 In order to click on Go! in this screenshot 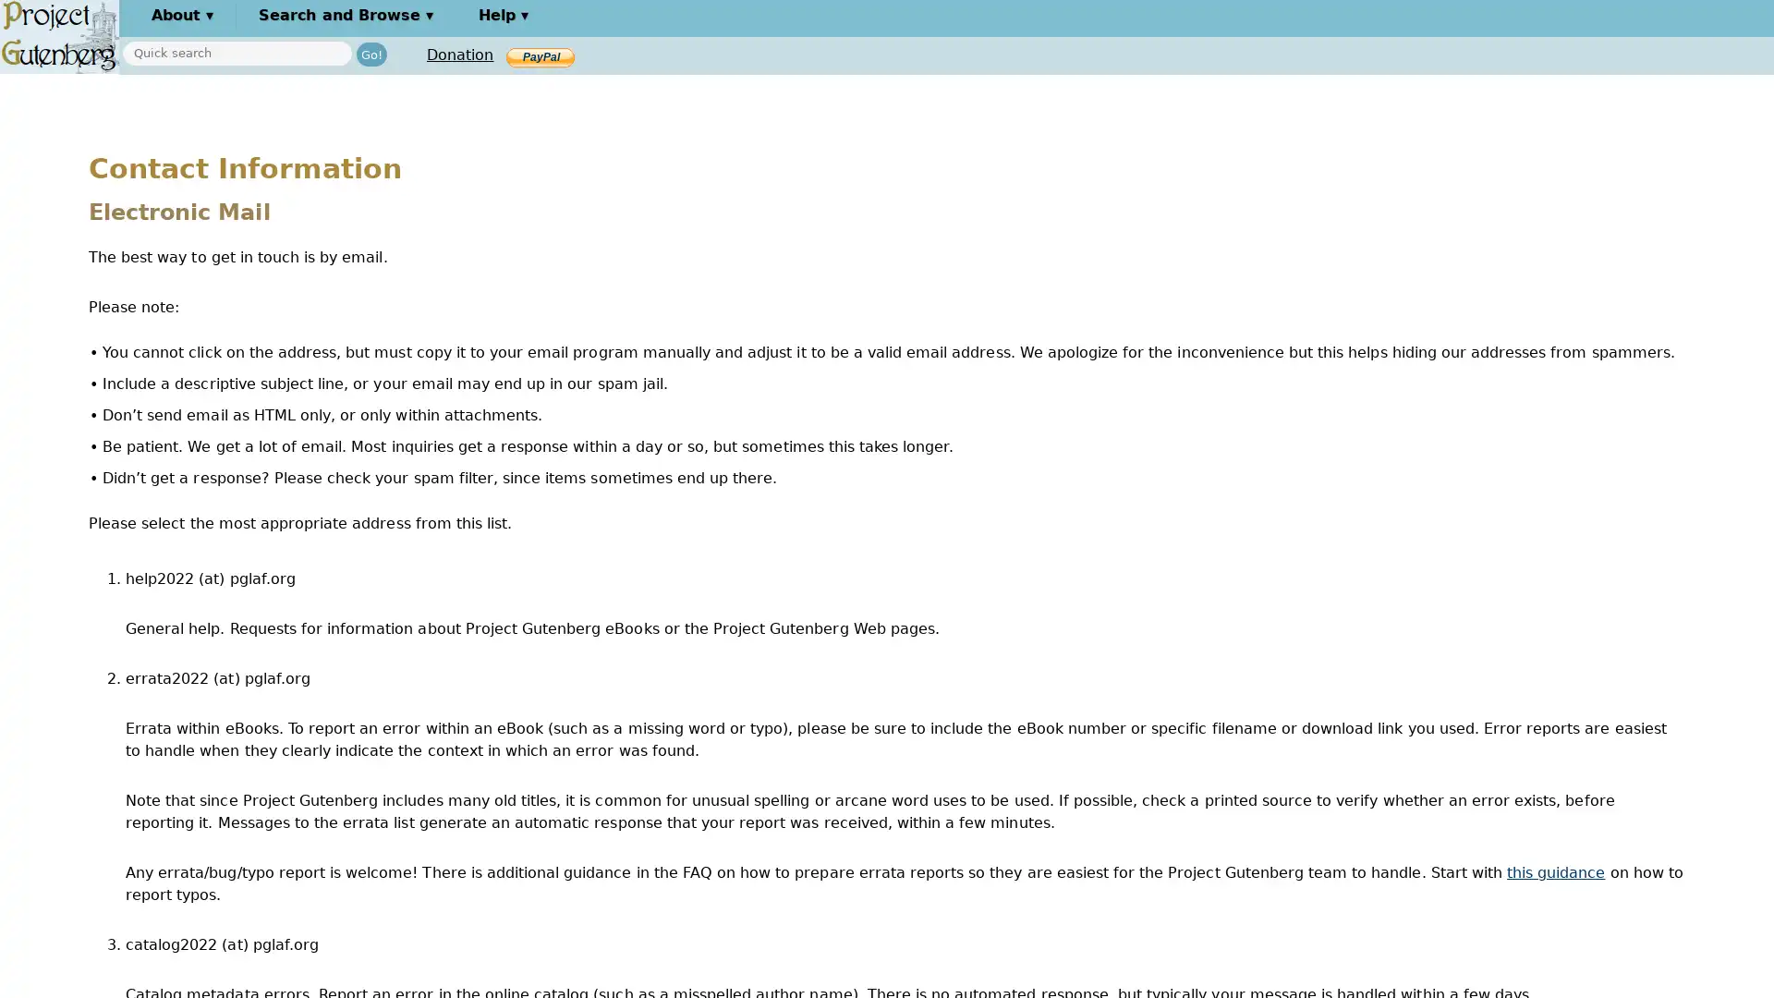, I will do `click(371, 53)`.